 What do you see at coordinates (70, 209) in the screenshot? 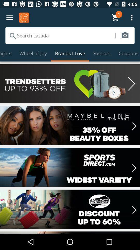
I see `current option` at bounding box center [70, 209].